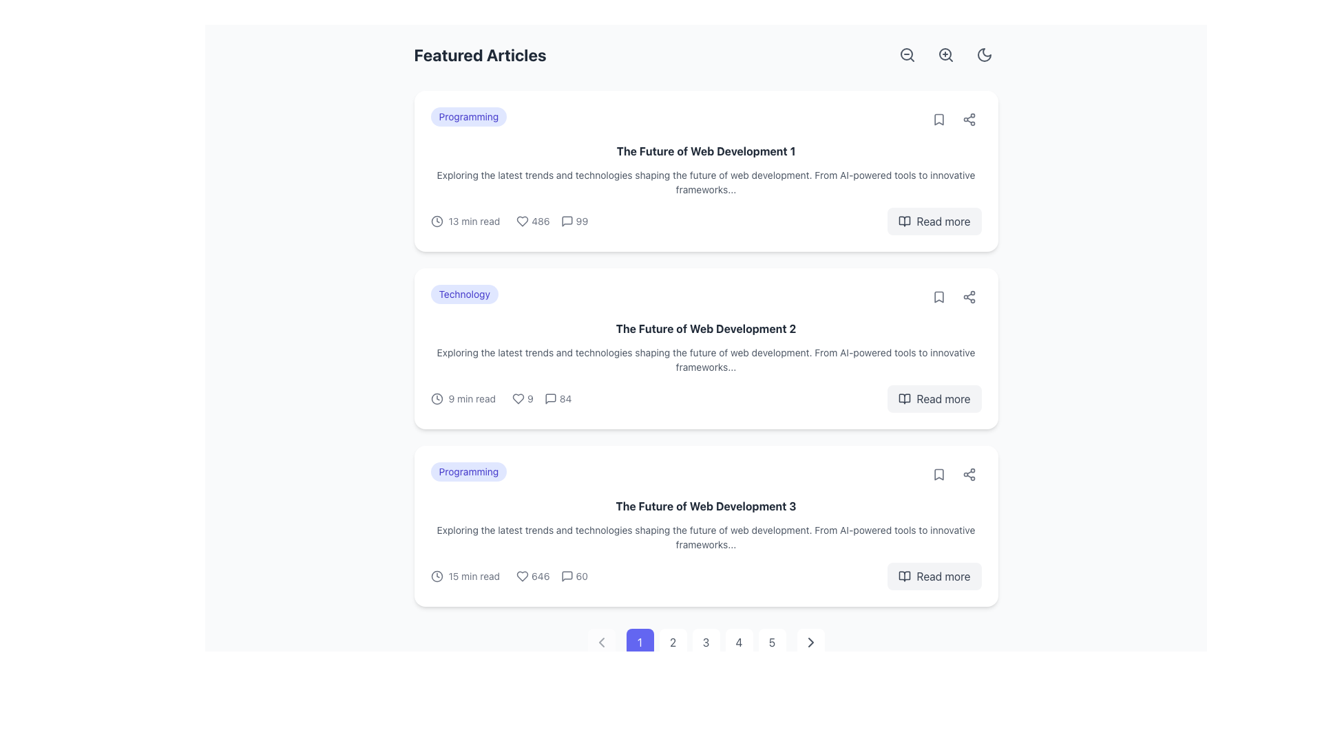  Describe the element at coordinates (706, 359) in the screenshot. I see `the text block styled with a light gray font that reads: 'Exploring the latest trends and technologies shaping the future of web development.' It is located directly underneath the title 'The Future of Web Development 2'` at that location.